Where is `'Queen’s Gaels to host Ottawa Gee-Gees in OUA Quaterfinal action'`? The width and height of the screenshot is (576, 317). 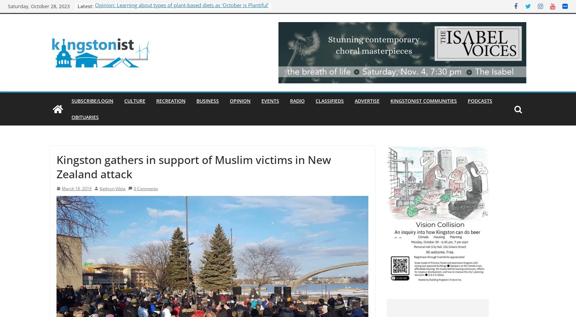 'Queen’s Gaels to host Ottawa Gee-Gees in OUA Quaterfinal action' is located at coordinates (172, 13).